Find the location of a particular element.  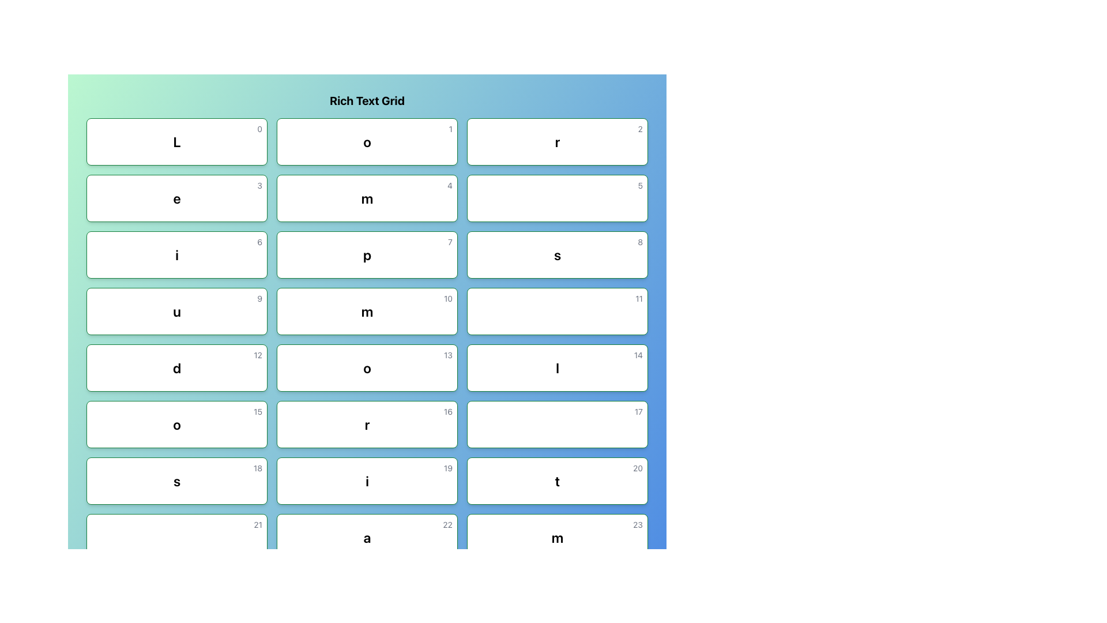

the grid cell containing the characters 's' and '18', located in the sixth row and first column of the grid layout is located at coordinates (176, 481).